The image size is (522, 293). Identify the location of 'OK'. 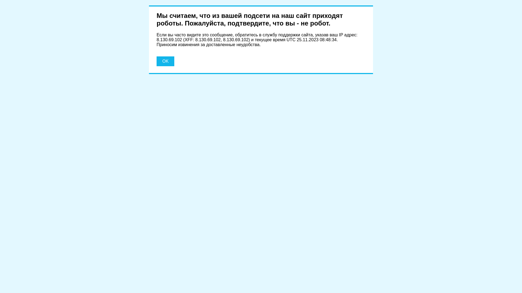
(165, 61).